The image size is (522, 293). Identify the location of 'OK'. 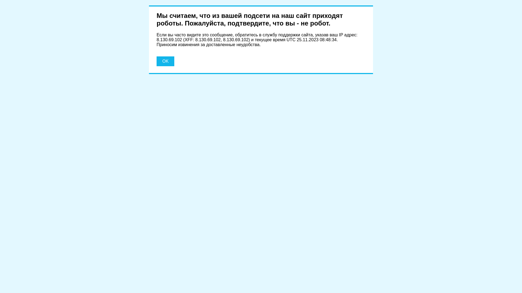
(165, 61).